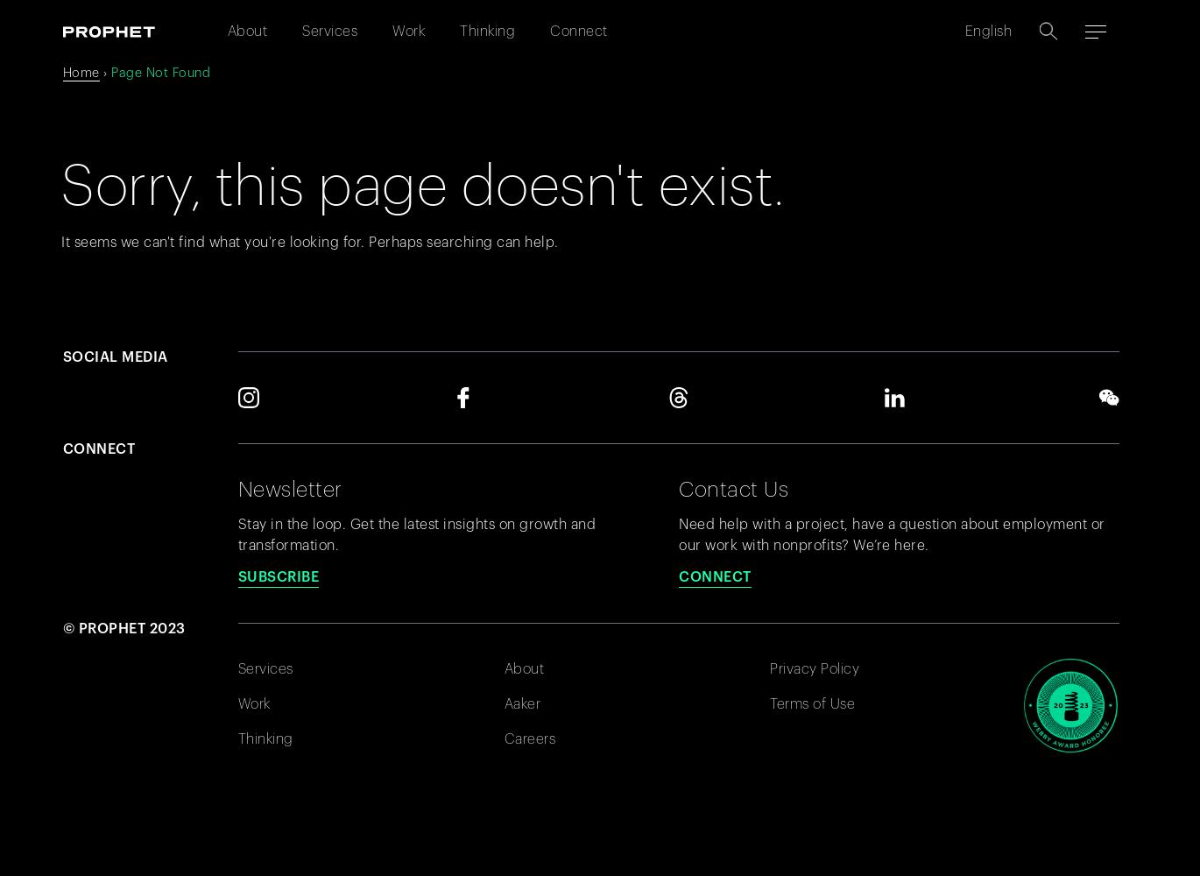 This screenshot has width=1200, height=876. I want to click on 'Privacy Policy', so click(814, 668).